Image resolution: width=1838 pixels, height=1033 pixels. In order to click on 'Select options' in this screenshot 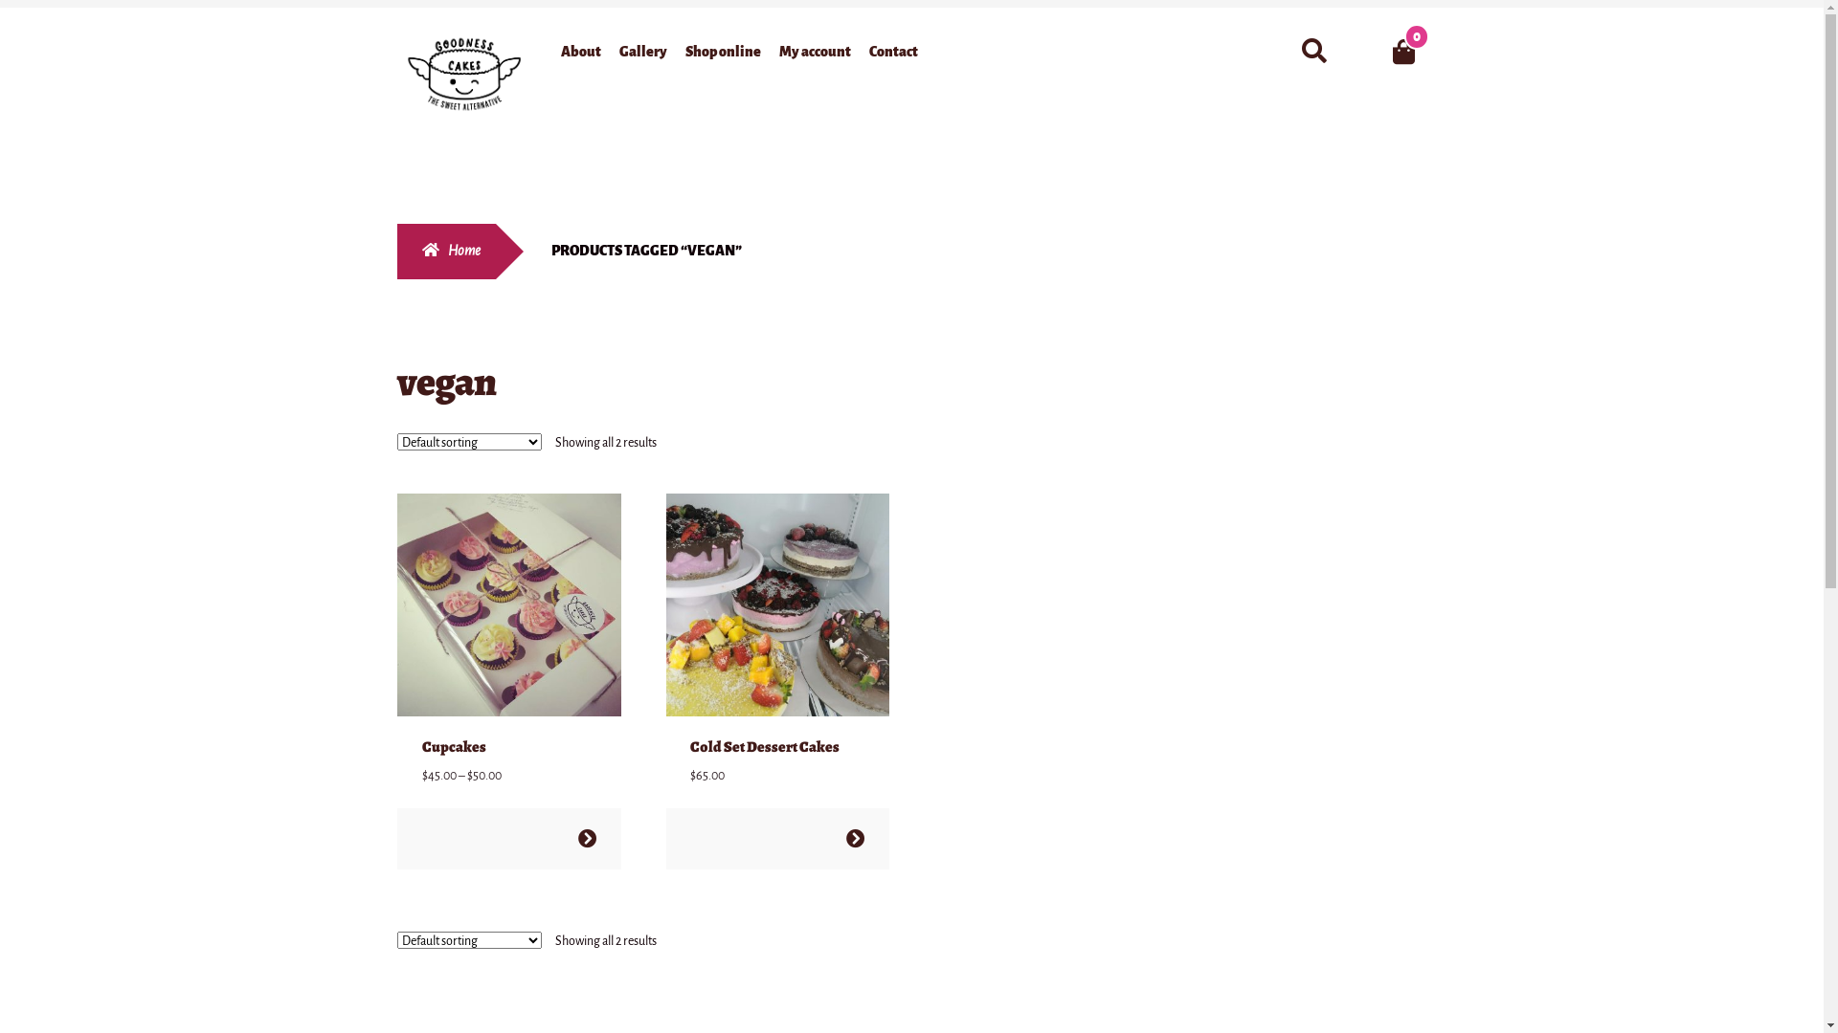, I will do `click(586, 837)`.